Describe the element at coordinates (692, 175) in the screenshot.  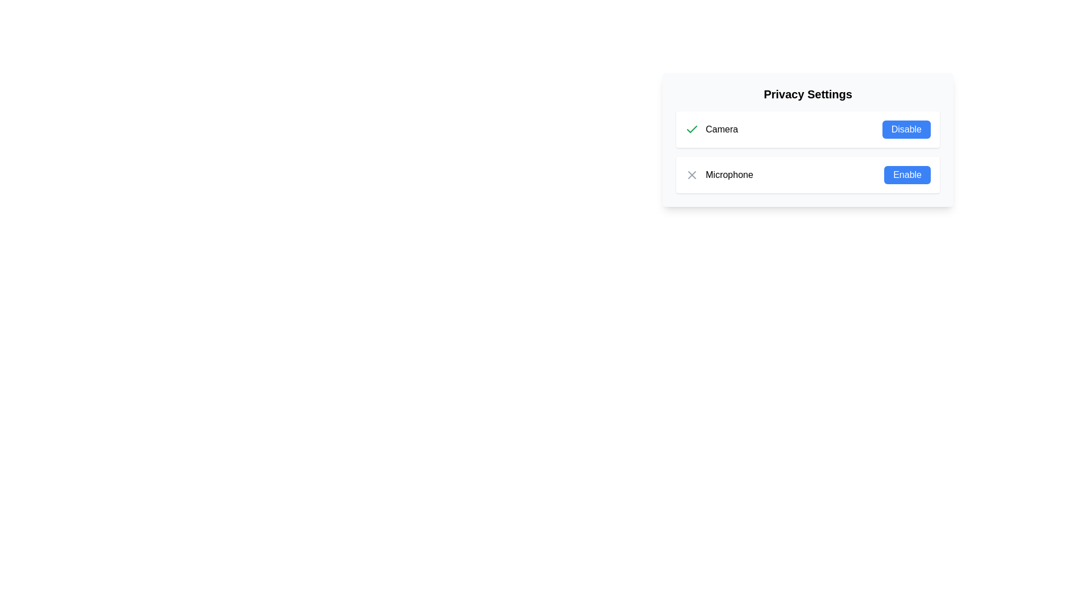
I see `the SVG icon representing a cross (X) shape with a gray stroke, located in the top-right corner of the 'Microphone' row in the Privacy Settings panel` at that location.